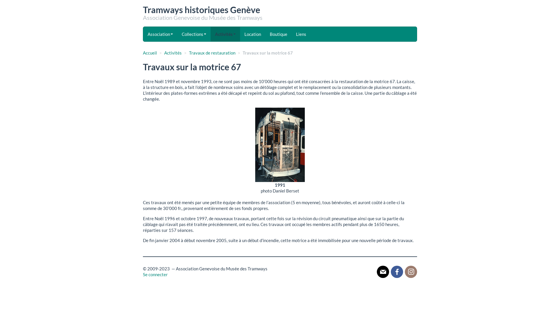  What do you see at coordinates (143, 274) in the screenshot?
I see `'Se connecter'` at bounding box center [143, 274].